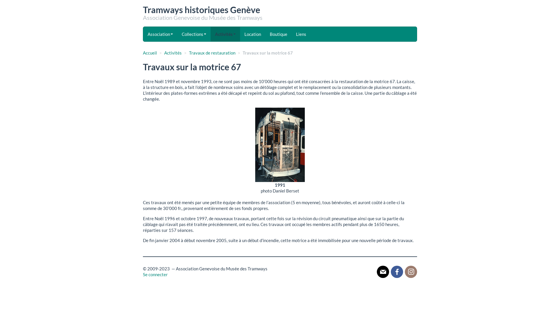  What do you see at coordinates (143, 274) in the screenshot?
I see `'Se connecter'` at bounding box center [143, 274].